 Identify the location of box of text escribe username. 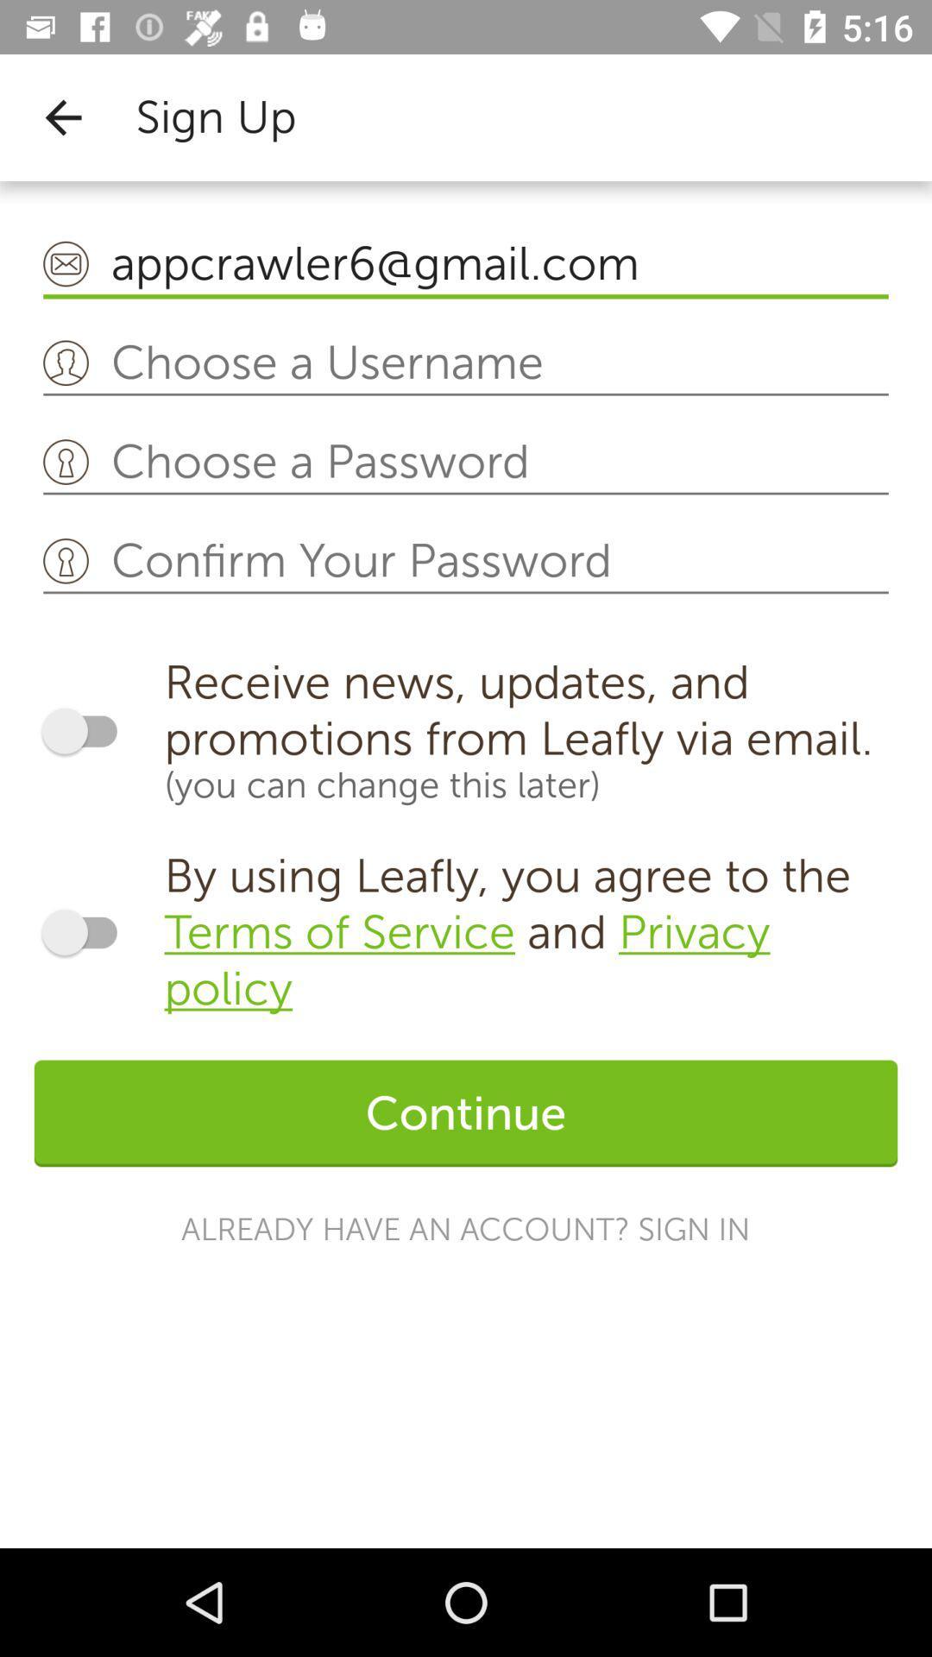
(466, 362).